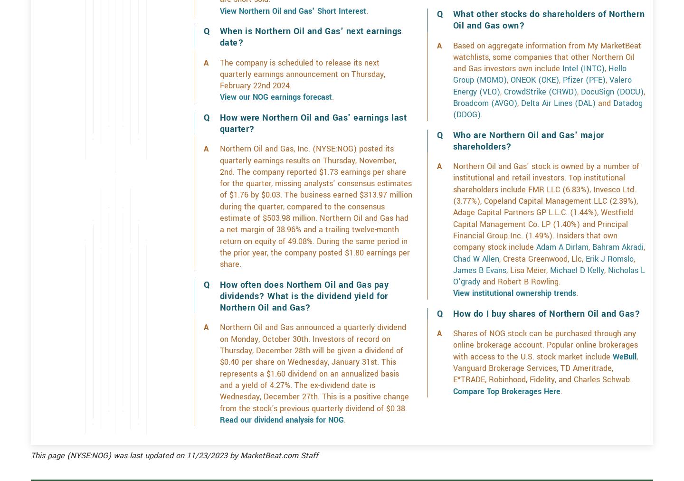 The image size is (684, 481). I want to click on 'Broadcom (AVGO)', so click(484, 136).